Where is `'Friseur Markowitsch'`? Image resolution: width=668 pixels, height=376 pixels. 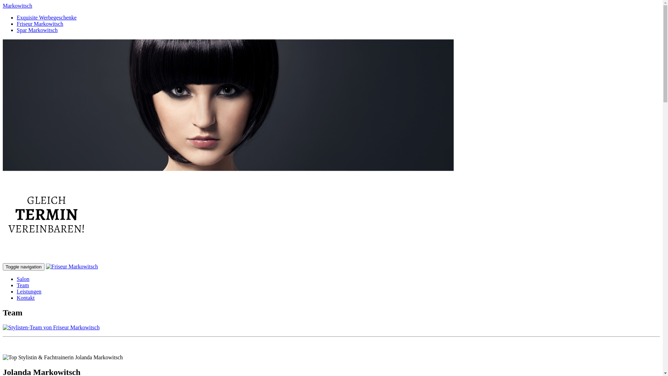 'Friseur Markowitsch' is located at coordinates (40, 23).